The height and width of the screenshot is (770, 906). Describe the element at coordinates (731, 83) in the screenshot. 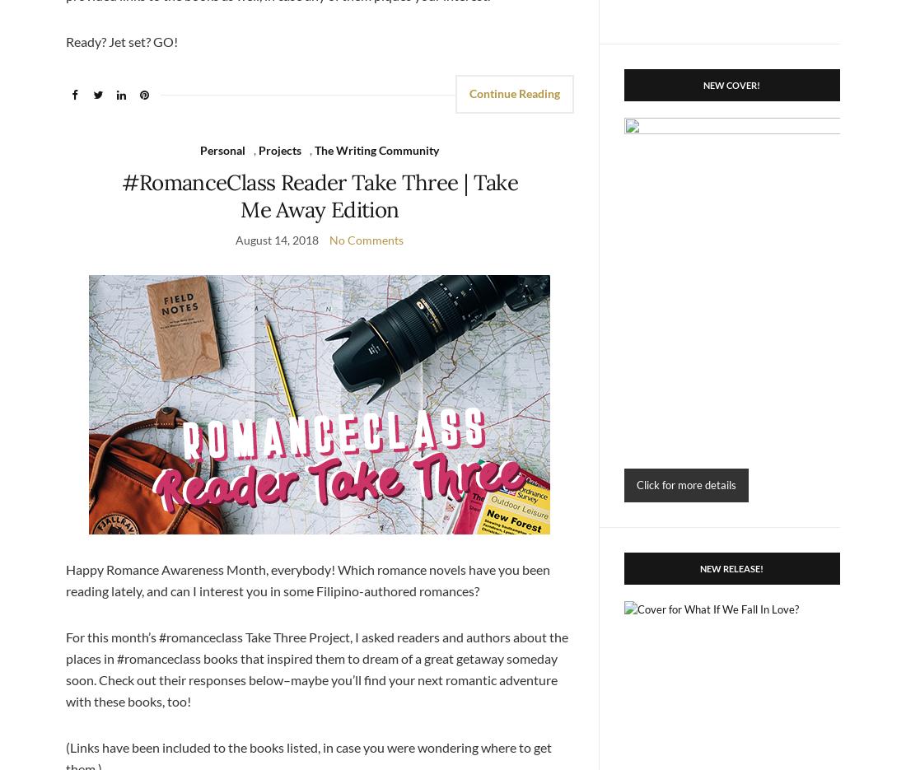

I see `'NEW COVER!'` at that location.